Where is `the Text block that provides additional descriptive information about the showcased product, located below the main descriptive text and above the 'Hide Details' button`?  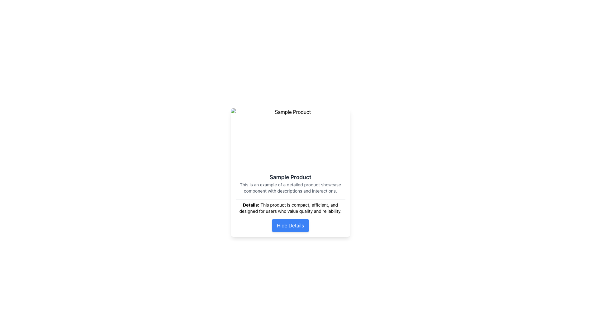
the Text block that provides additional descriptive information about the showcased product, located below the main descriptive text and above the 'Hide Details' button is located at coordinates (290, 202).